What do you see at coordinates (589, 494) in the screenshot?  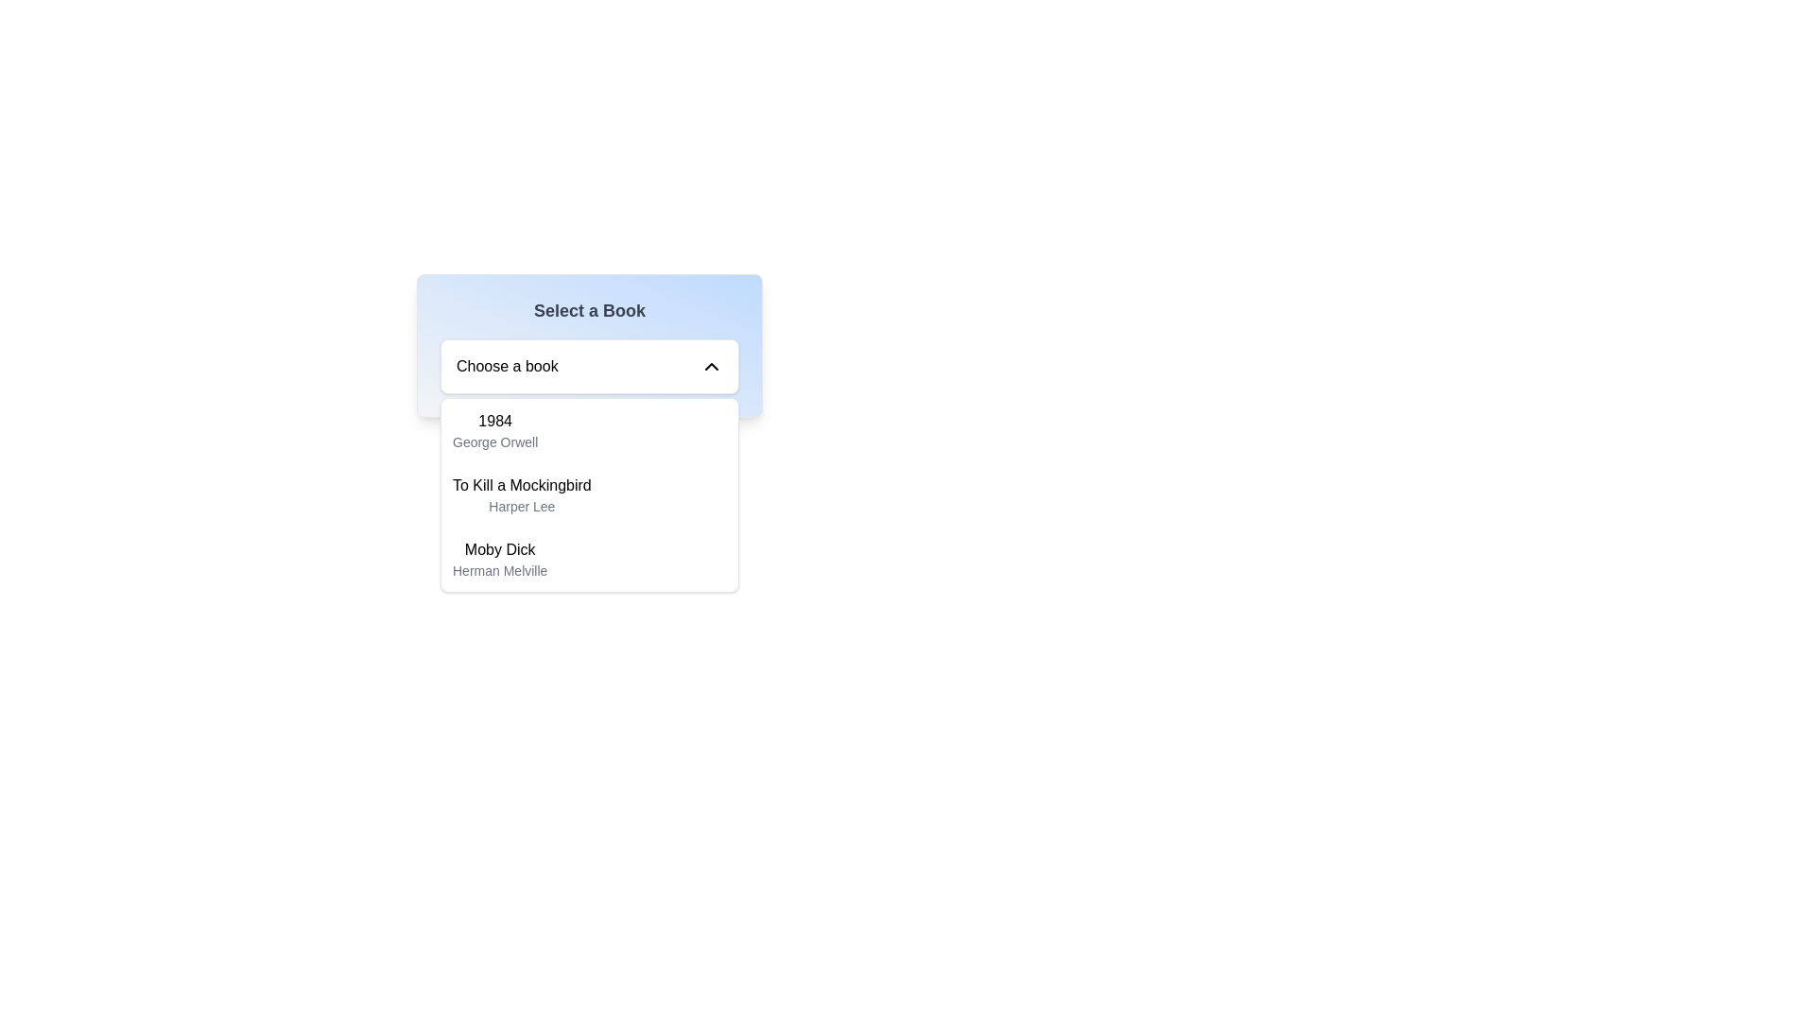 I see `the selectable list item for the book 'To Kill a Mockingbird'` at bounding box center [589, 494].